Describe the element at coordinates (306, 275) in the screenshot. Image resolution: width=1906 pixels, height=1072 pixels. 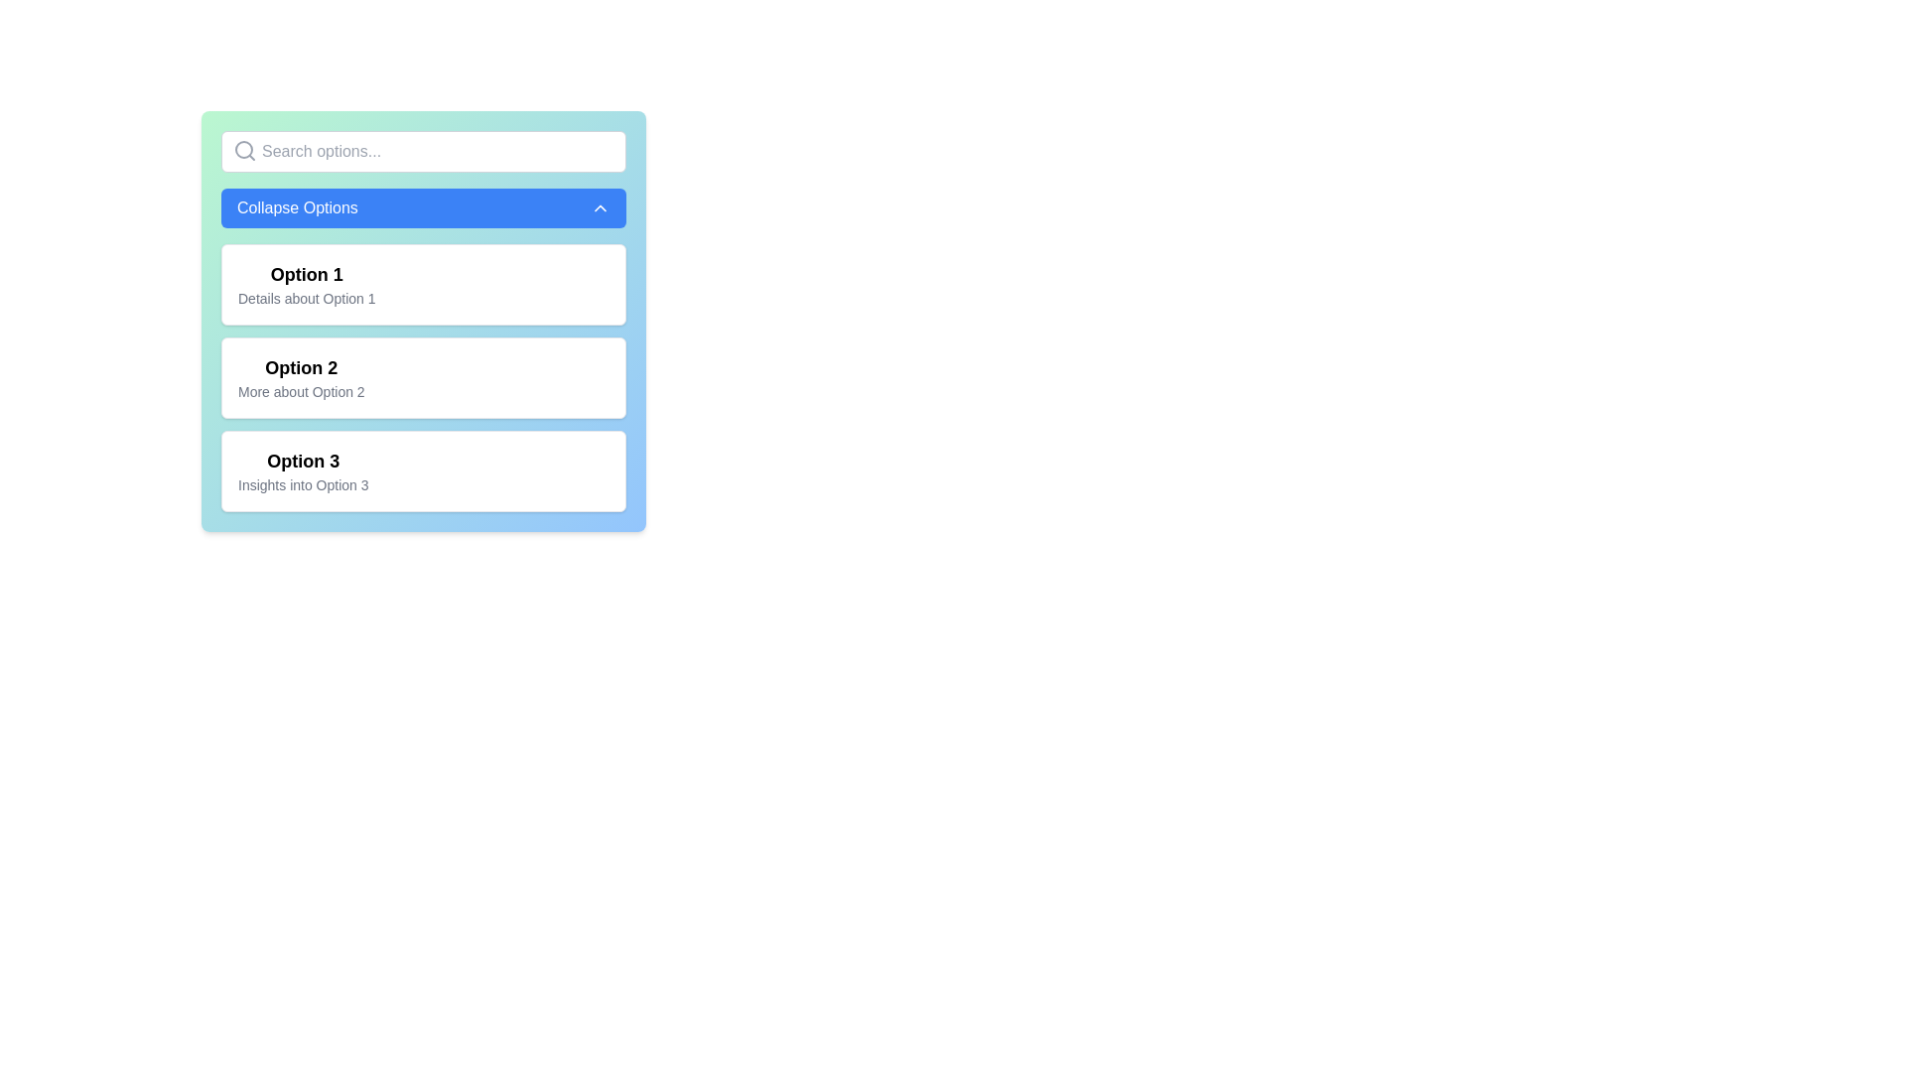
I see `the text label displaying 'Option 1', which is styled with a bold font and serves as a heading for its section` at that location.